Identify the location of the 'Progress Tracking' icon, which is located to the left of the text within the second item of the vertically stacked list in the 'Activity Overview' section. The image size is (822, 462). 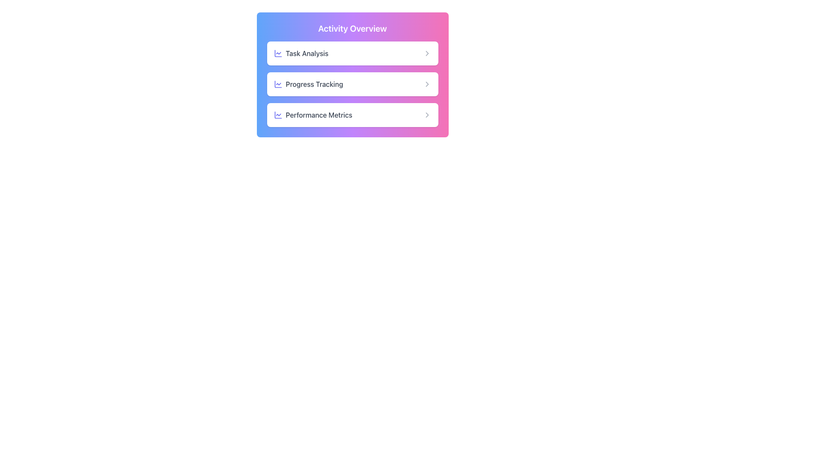
(278, 84).